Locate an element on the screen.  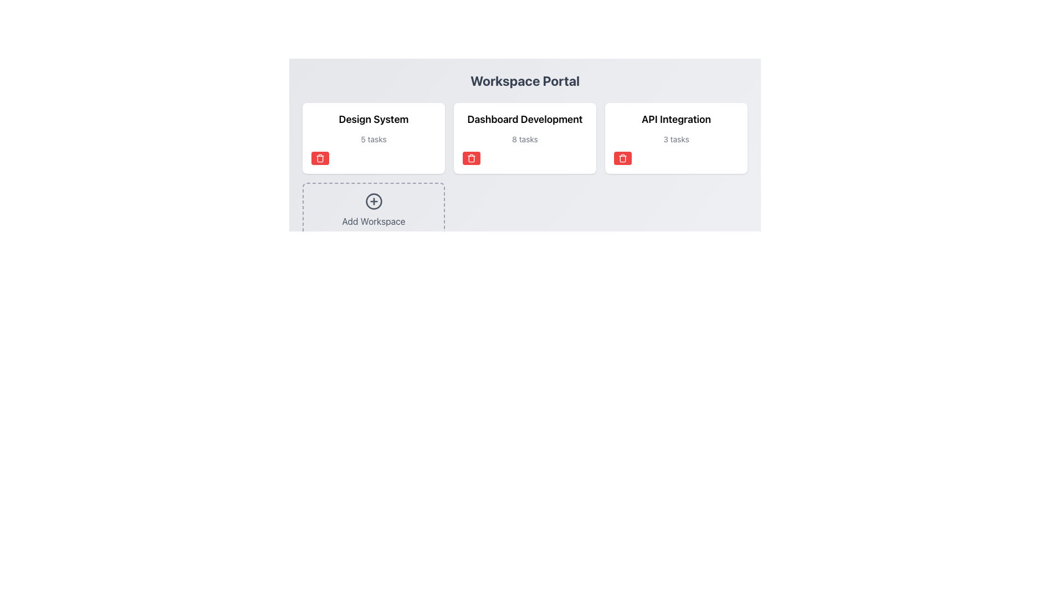
the text label 'Dashboard Development' which is located in the middle card of a three-card layout, positioned above the '8 tasks' subtitle is located at coordinates (524, 120).